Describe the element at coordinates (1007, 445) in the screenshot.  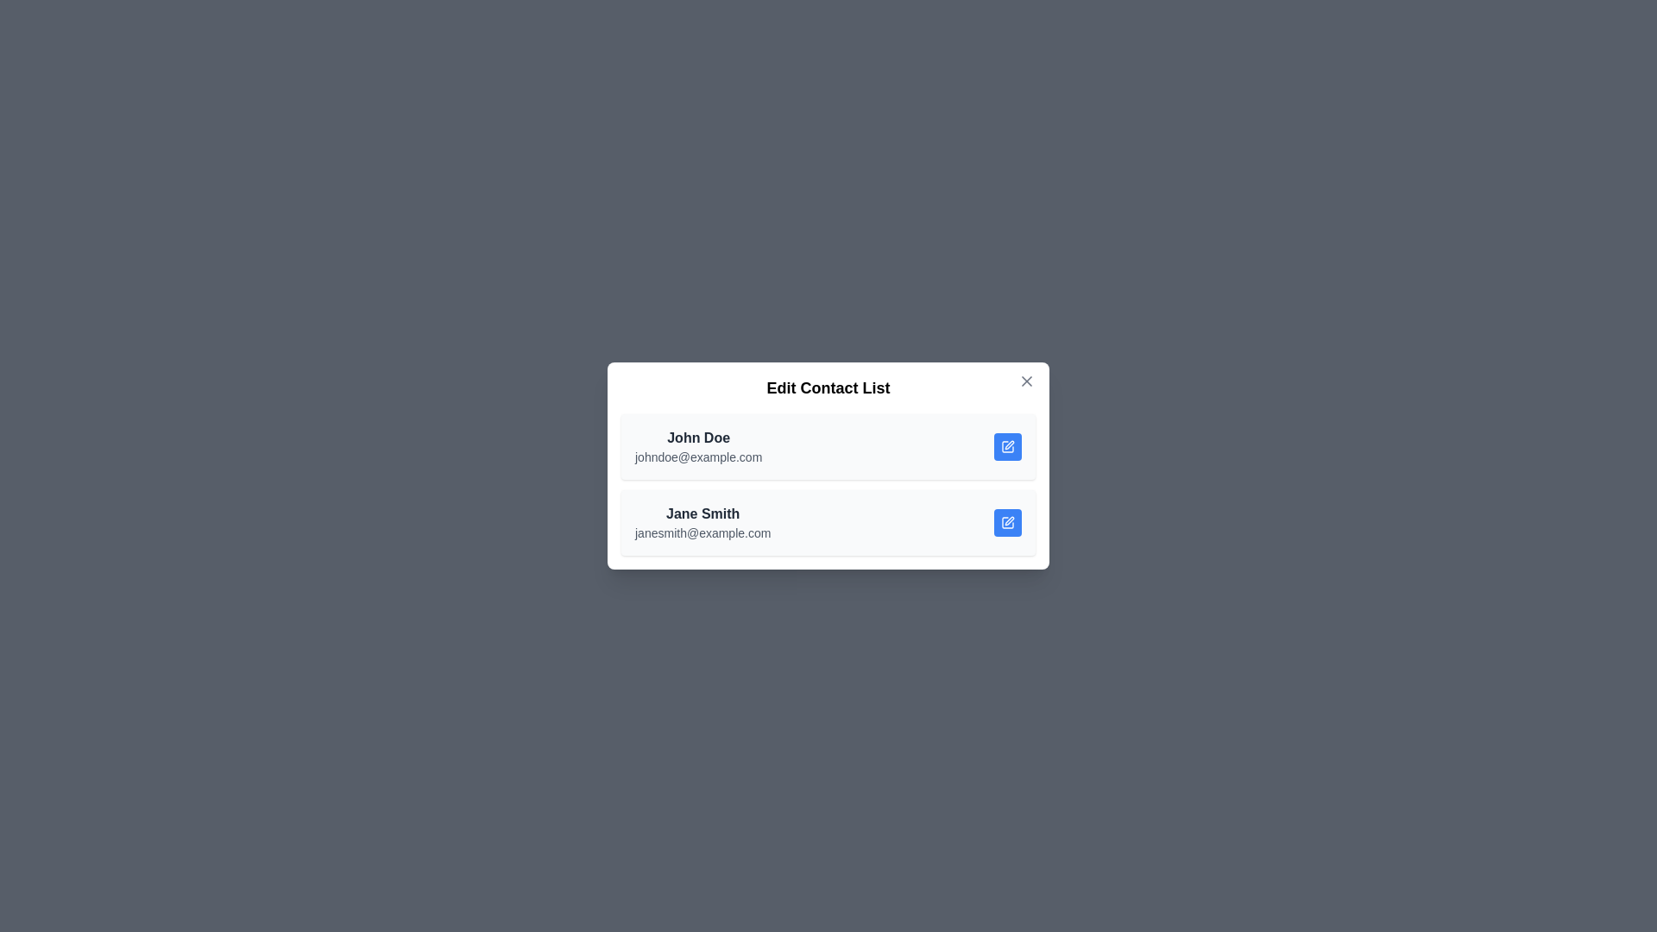
I see `edit button next to the contact with the name John Doe` at that location.